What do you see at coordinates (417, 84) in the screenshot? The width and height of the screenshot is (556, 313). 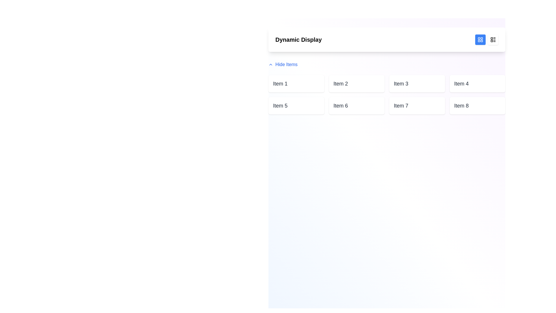 I see `the Card component labeled 'Item 3'` at bounding box center [417, 84].